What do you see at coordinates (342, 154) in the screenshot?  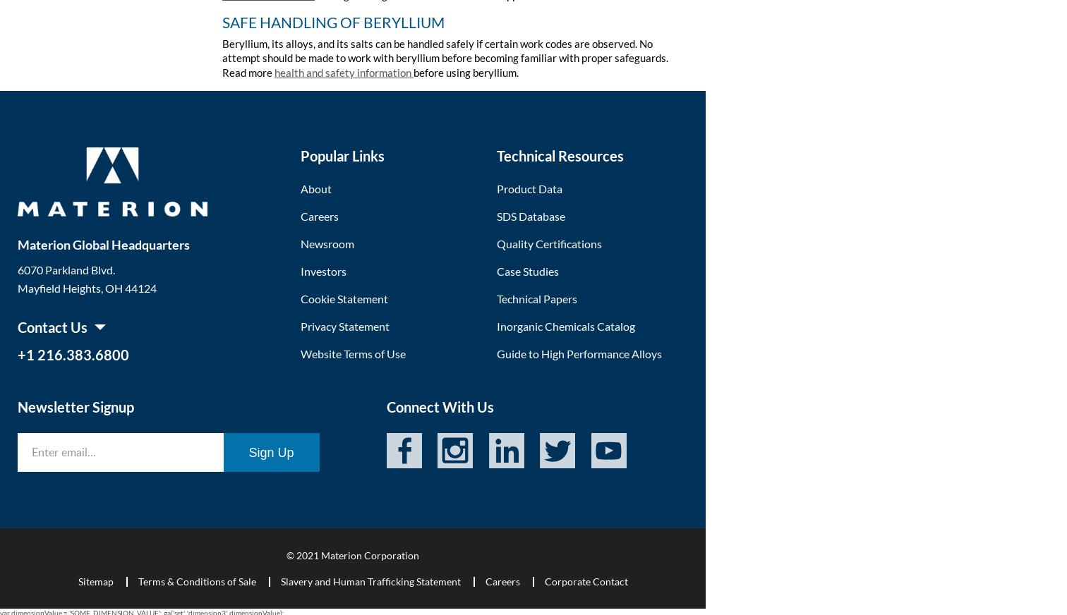 I see `'Popular Links'` at bounding box center [342, 154].